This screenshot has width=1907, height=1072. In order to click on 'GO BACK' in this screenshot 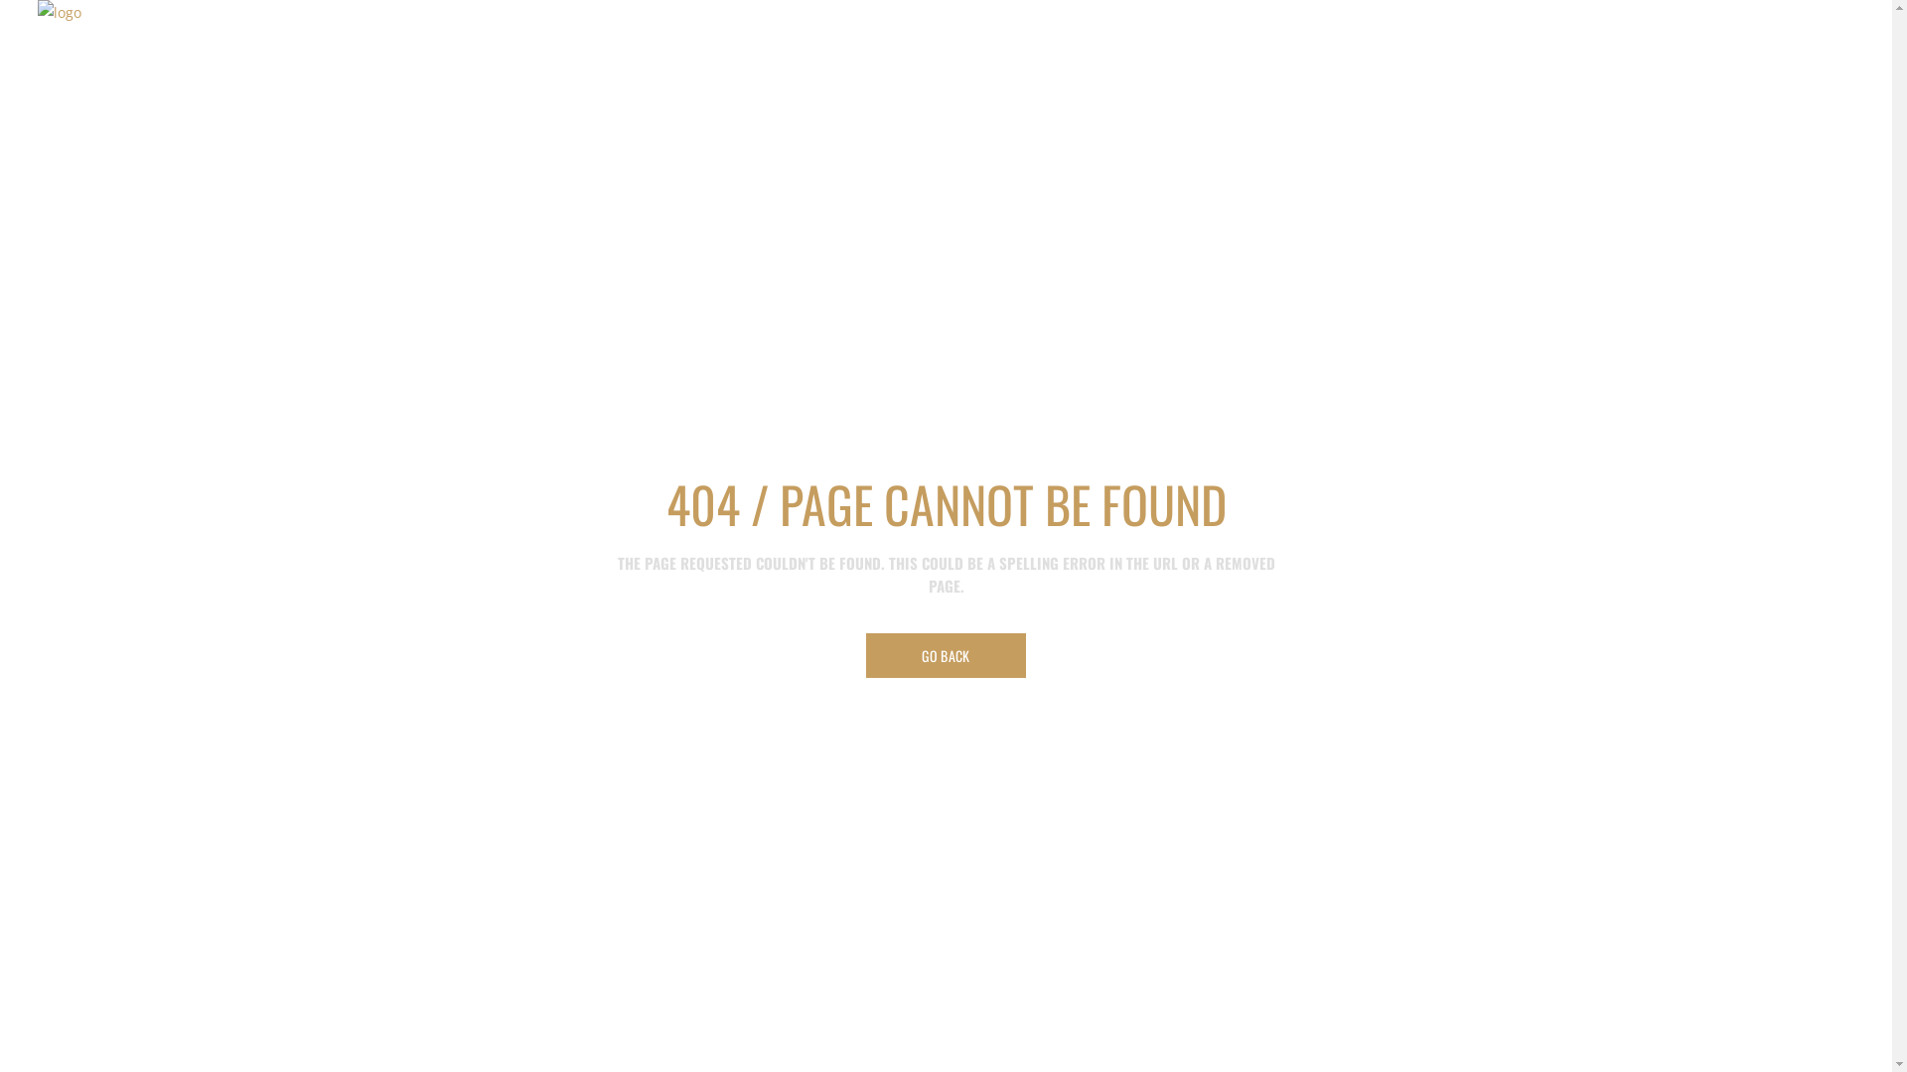, I will do `click(866, 655)`.